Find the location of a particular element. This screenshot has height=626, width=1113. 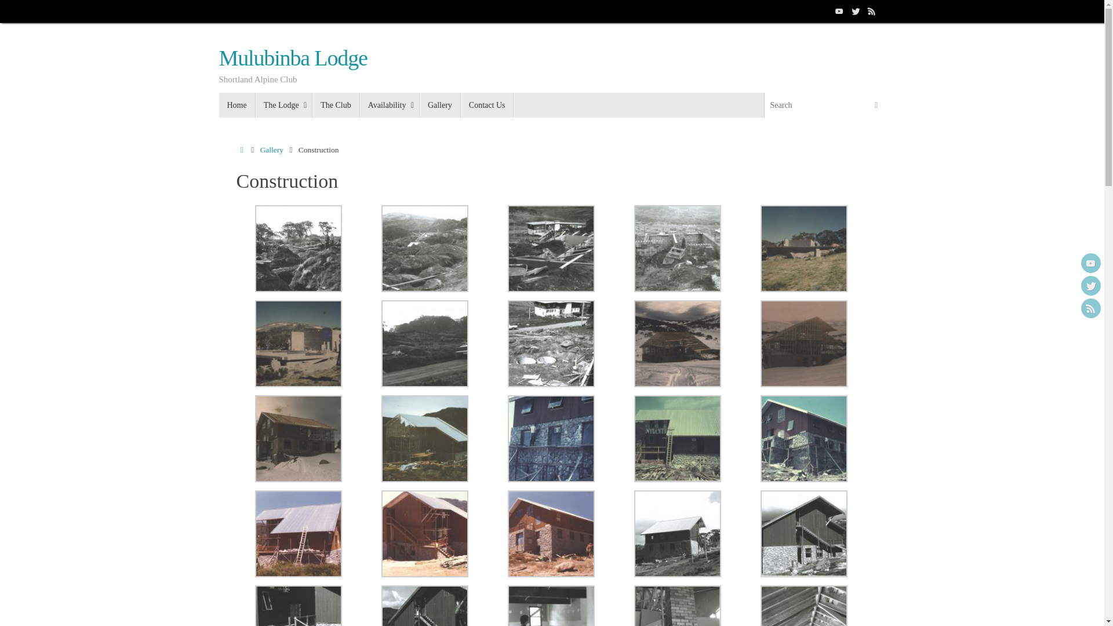

'YouTube' is located at coordinates (1090, 263).